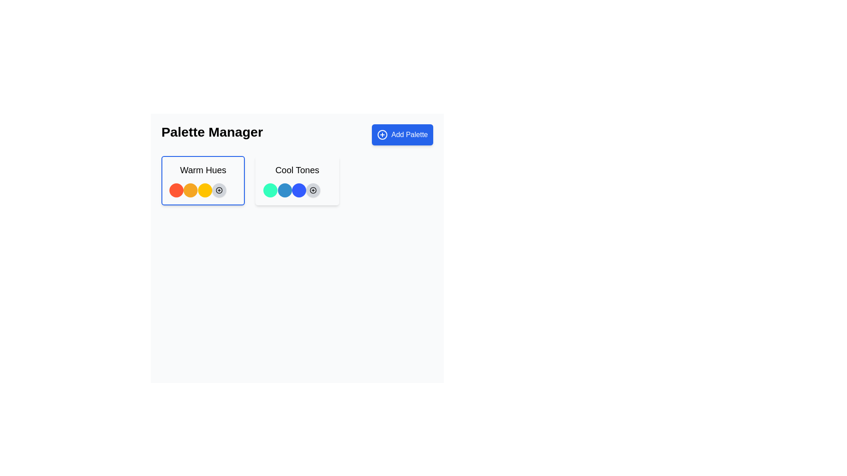  What do you see at coordinates (382, 134) in the screenshot?
I see `the 'Add Palette' button which contains a bold blue bordered circle icon at the top-right corner of the interface` at bounding box center [382, 134].